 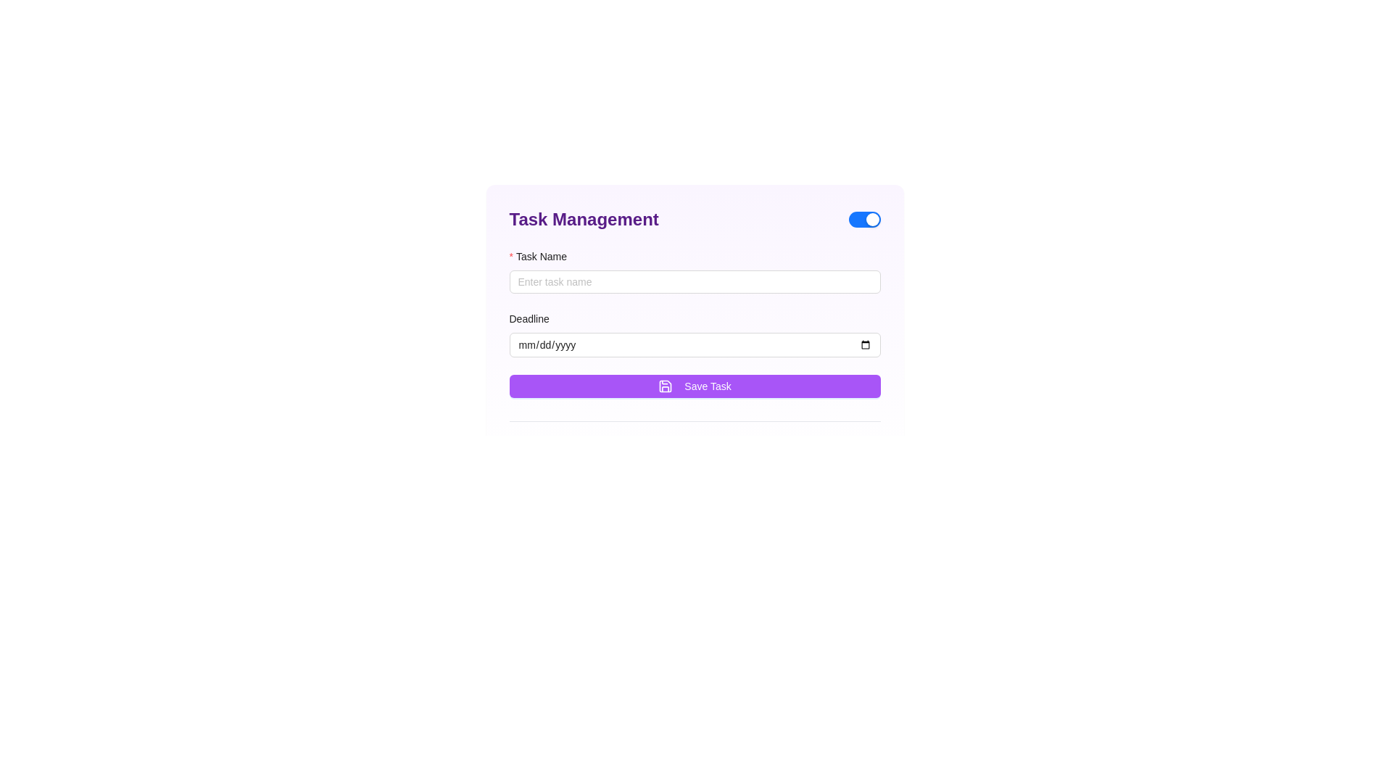 I want to click on the purple rectangular 'Save Task' button with a white save icon, so click(x=694, y=385).